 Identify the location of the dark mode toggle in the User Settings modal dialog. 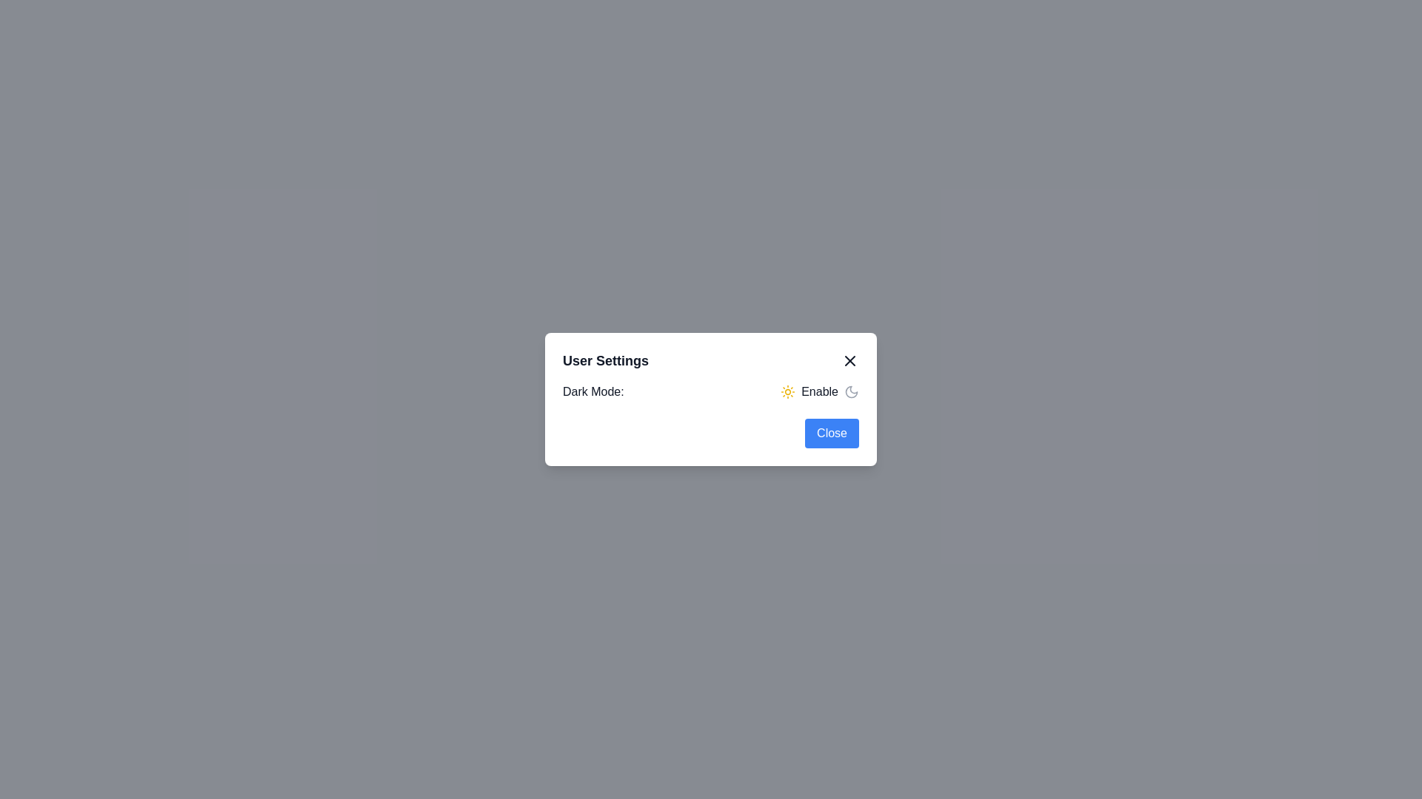
(711, 399).